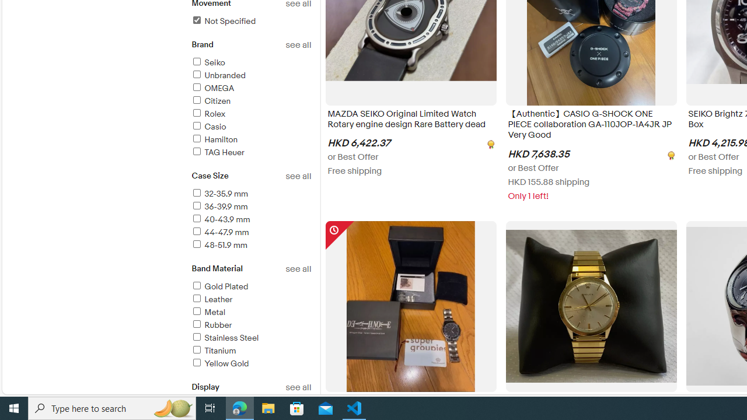  What do you see at coordinates (250, 76) in the screenshot?
I see `'Unbranded'` at bounding box center [250, 76].